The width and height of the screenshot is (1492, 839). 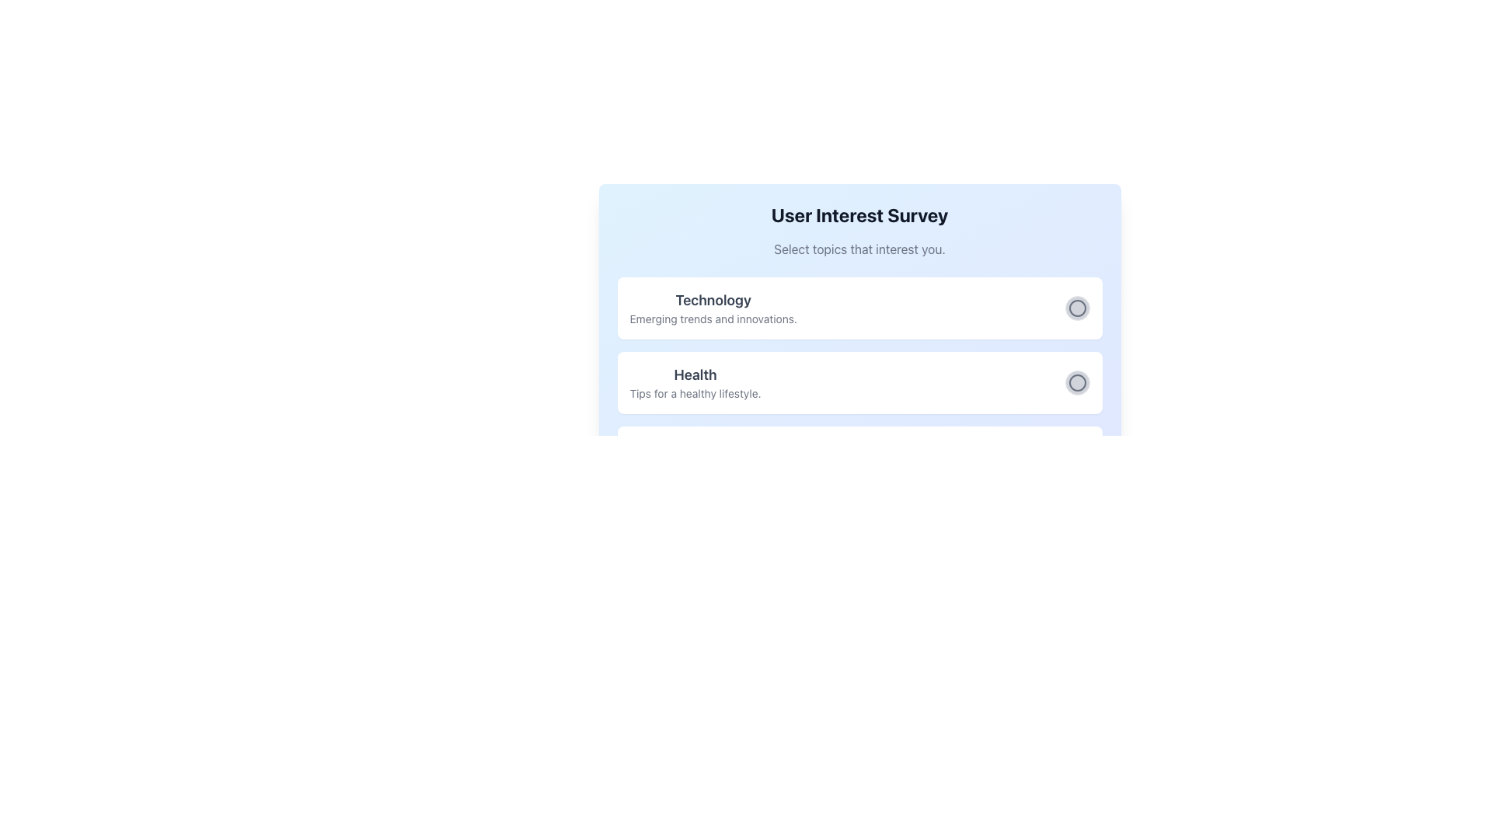 I want to click on the header text labeled 'Technology' which is styled in bold, medium-sized dark gray font within a blue-themed survey interface, so click(x=713, y=300).